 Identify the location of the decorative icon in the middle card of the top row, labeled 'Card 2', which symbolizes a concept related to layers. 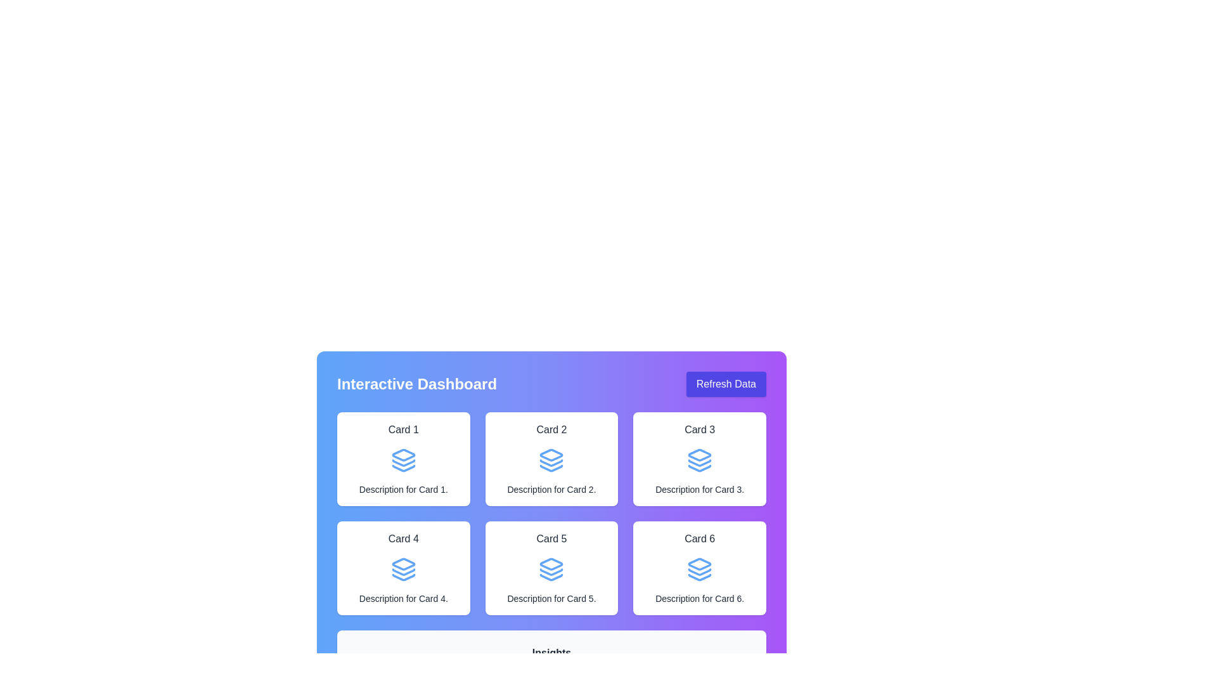
(551, 460).